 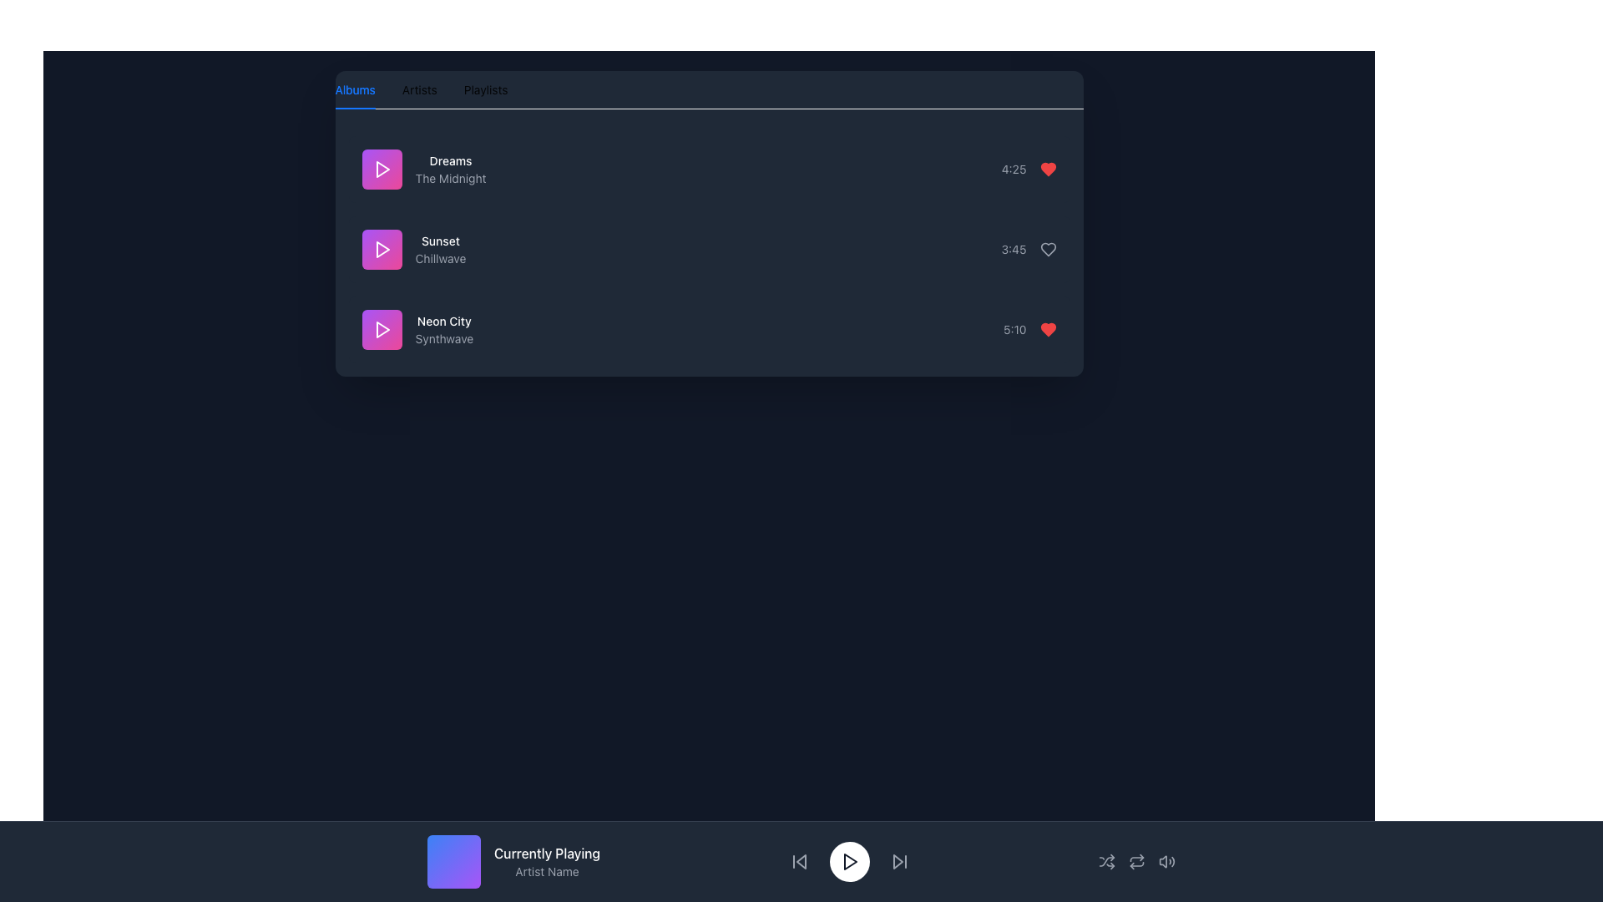 What do you see at coordinates (444, 338) in the screenshot?
I see `text label displaying 'Synthwave' located beneath 'Neon City' within a list item, centered on the right side` at bounding box center [444, 338].